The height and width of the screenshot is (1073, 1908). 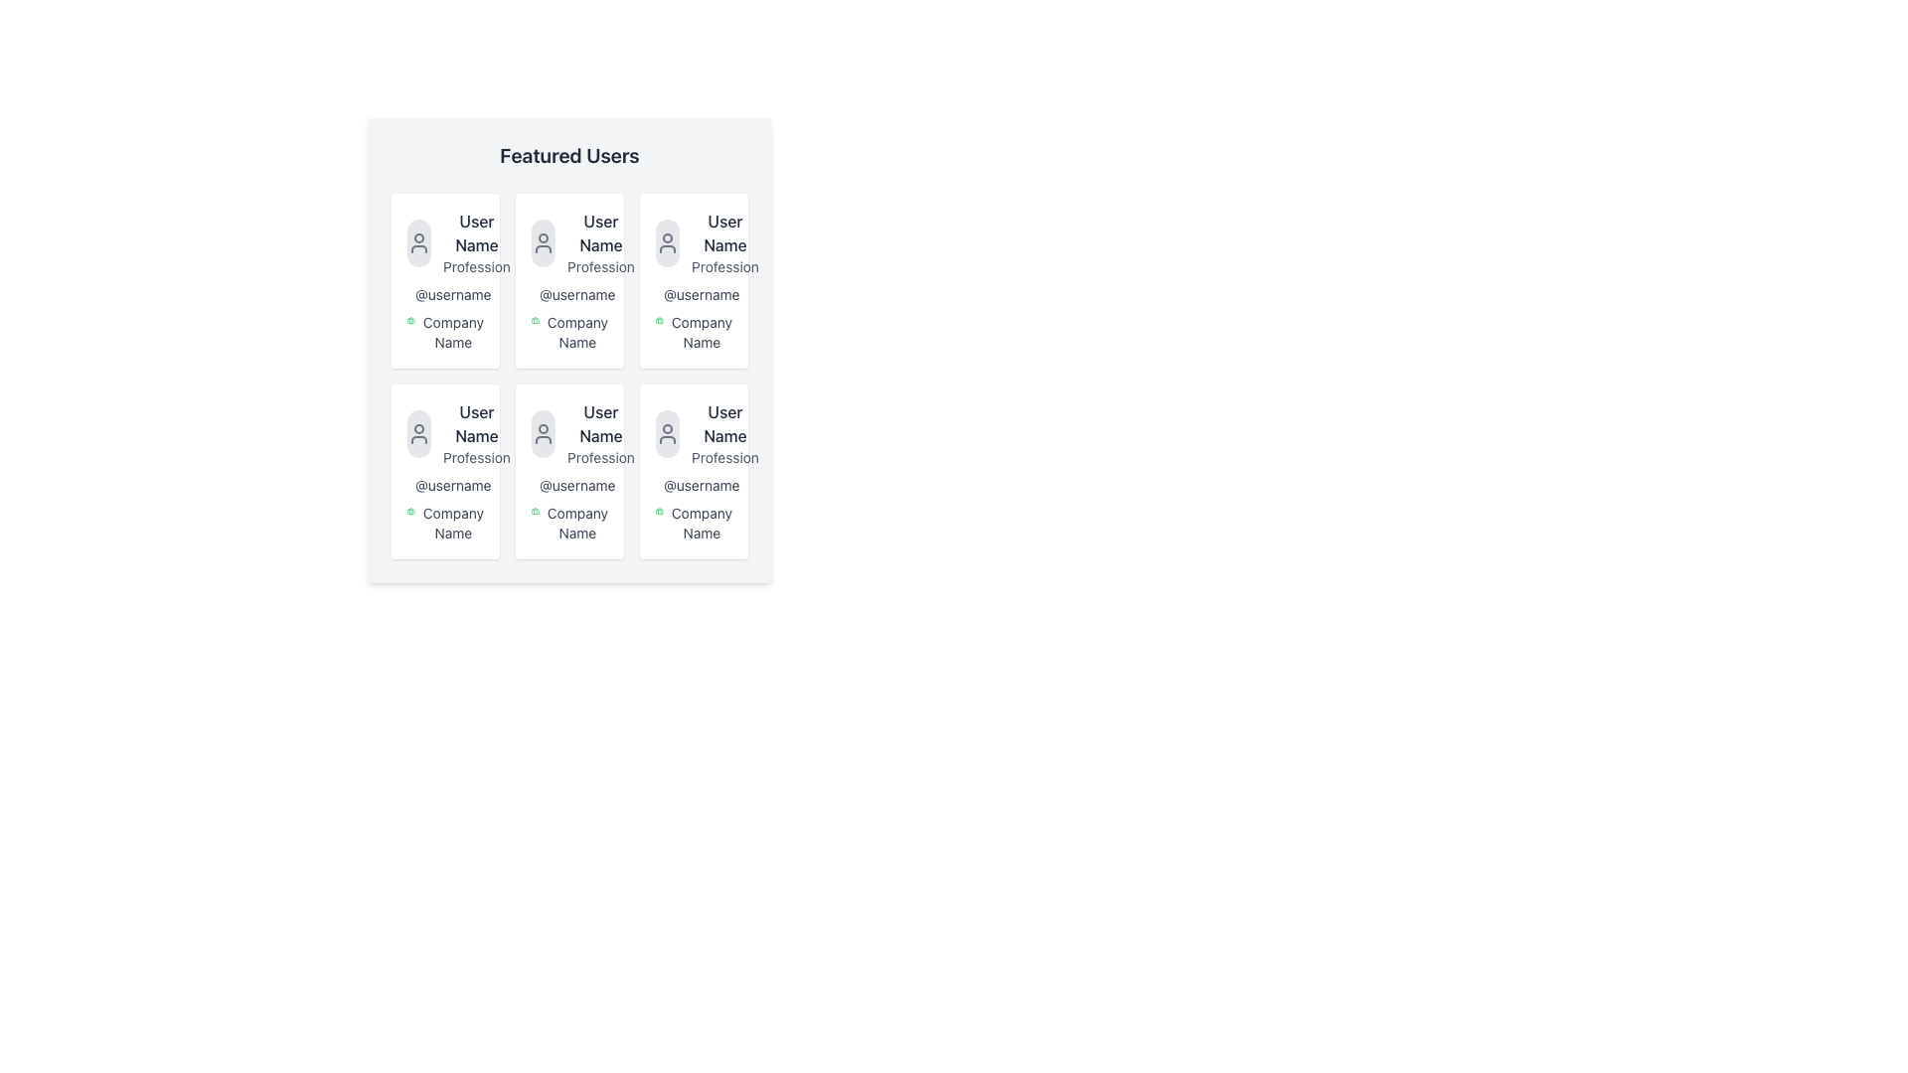 What do you see at coordinates (477, 432) in the screenshot?
I see `the text block containing 'User Name' and 'Profession' located under the 'Featured Users' heading` at bounding box center [477, 432].